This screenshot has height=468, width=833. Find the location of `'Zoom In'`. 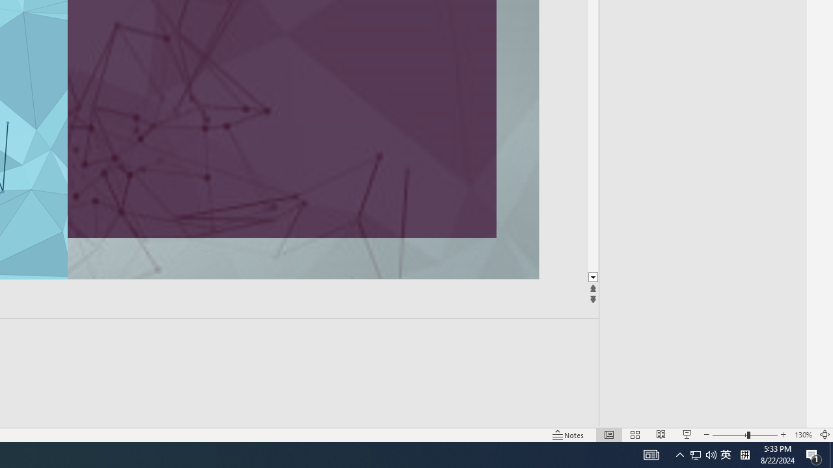

'Zoom In' is located at coordinates (783, 435).